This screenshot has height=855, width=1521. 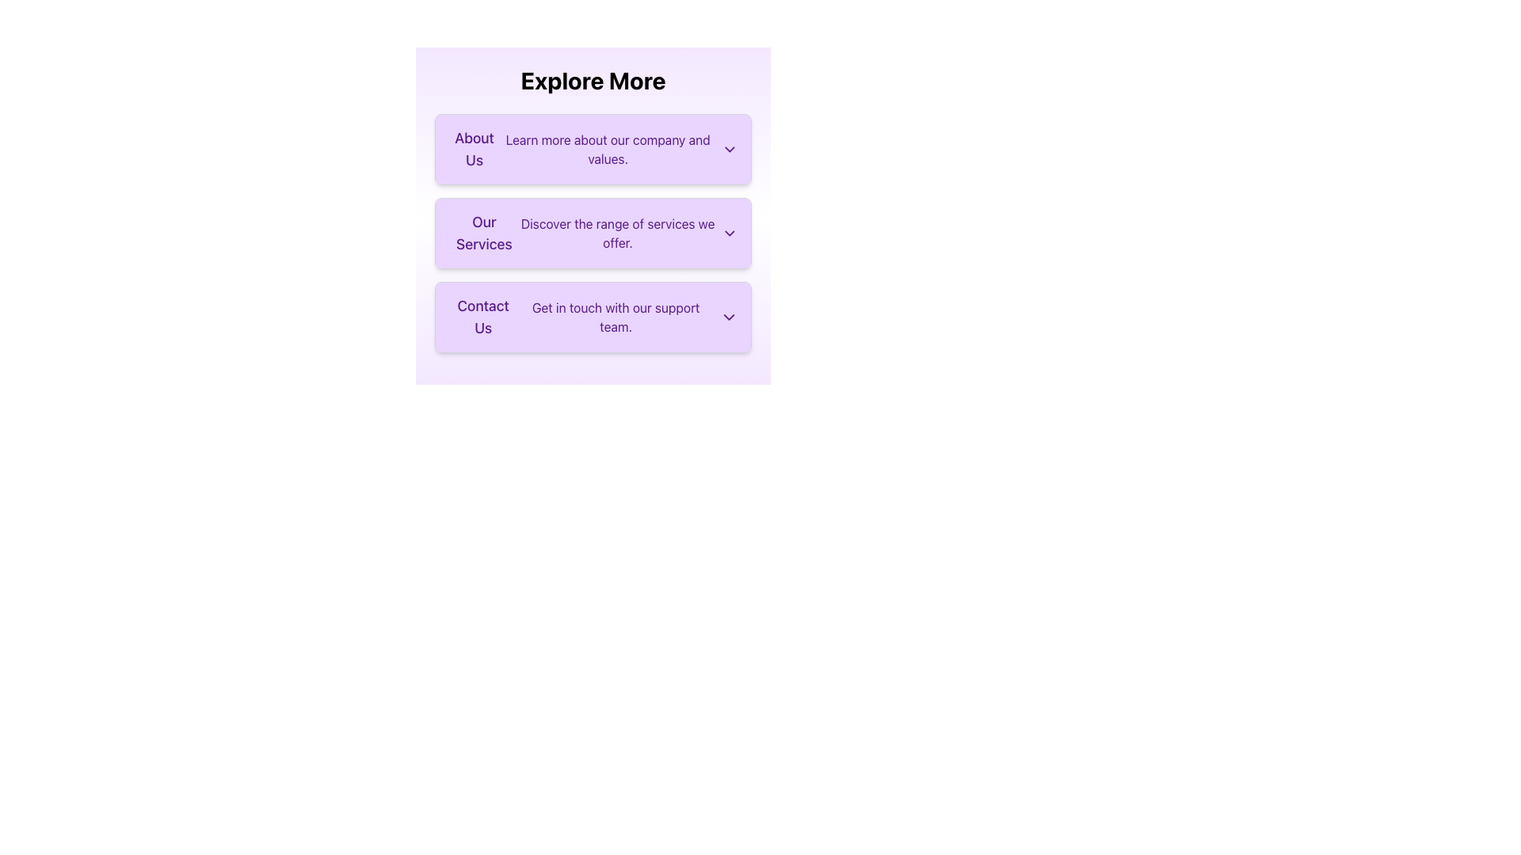 What do you see at coordinates (592, 150) in the screenshot?
I see `the first Interactive List Item or Button located under the 'Explore More' heading to read the displayed text about the company's background and values` at bounding box center [592, 150].